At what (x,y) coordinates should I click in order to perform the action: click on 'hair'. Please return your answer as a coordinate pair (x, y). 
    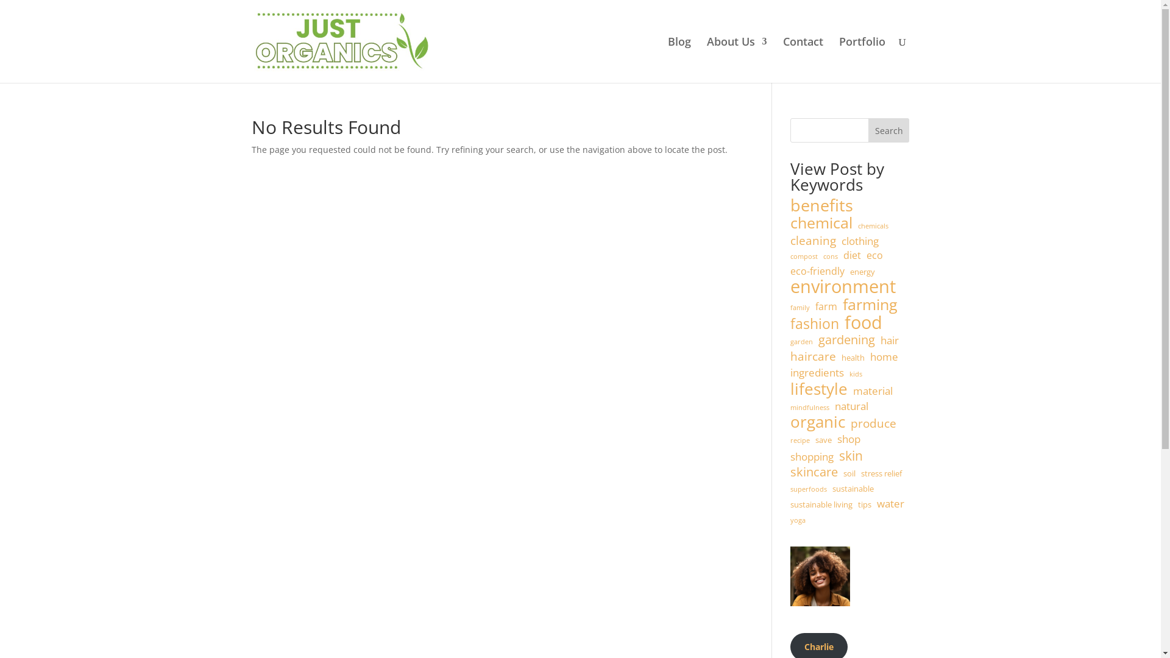
    Looking at the image, I should click on (889, 341).